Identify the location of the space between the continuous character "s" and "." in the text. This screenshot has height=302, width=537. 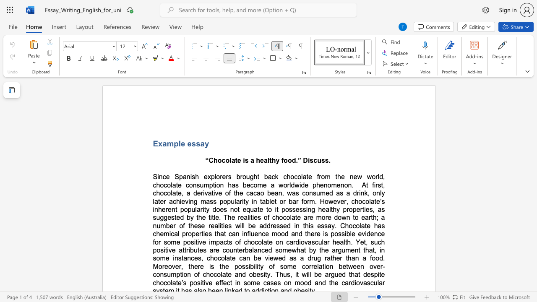
(328, 160).